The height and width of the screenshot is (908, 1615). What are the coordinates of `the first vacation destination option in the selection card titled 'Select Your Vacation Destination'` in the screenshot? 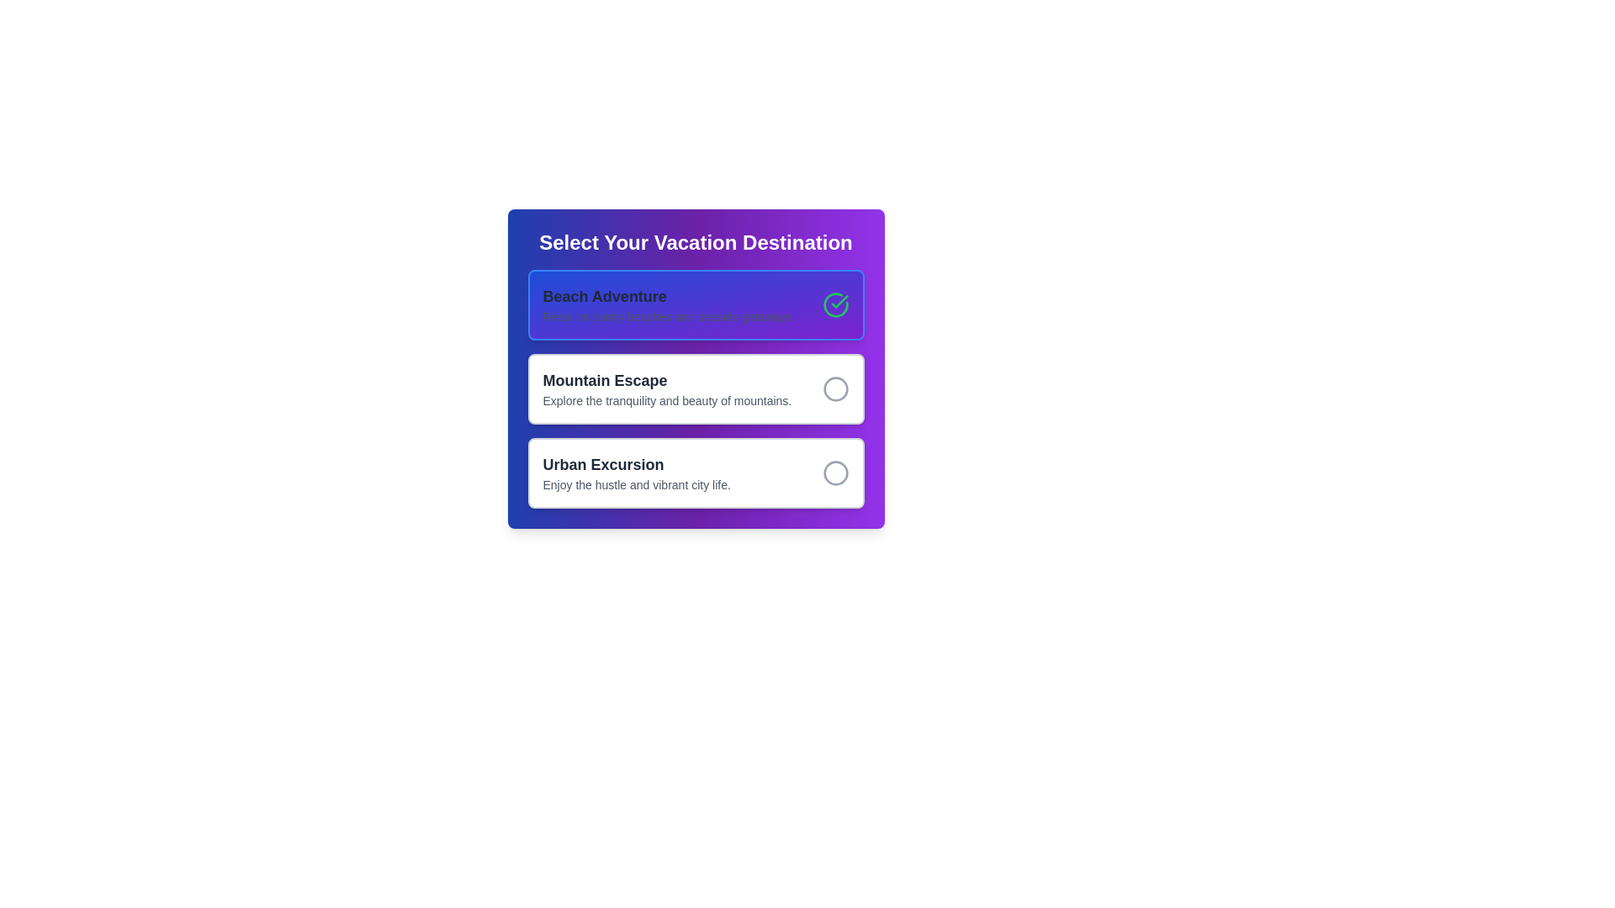 It's located at (668, 304).